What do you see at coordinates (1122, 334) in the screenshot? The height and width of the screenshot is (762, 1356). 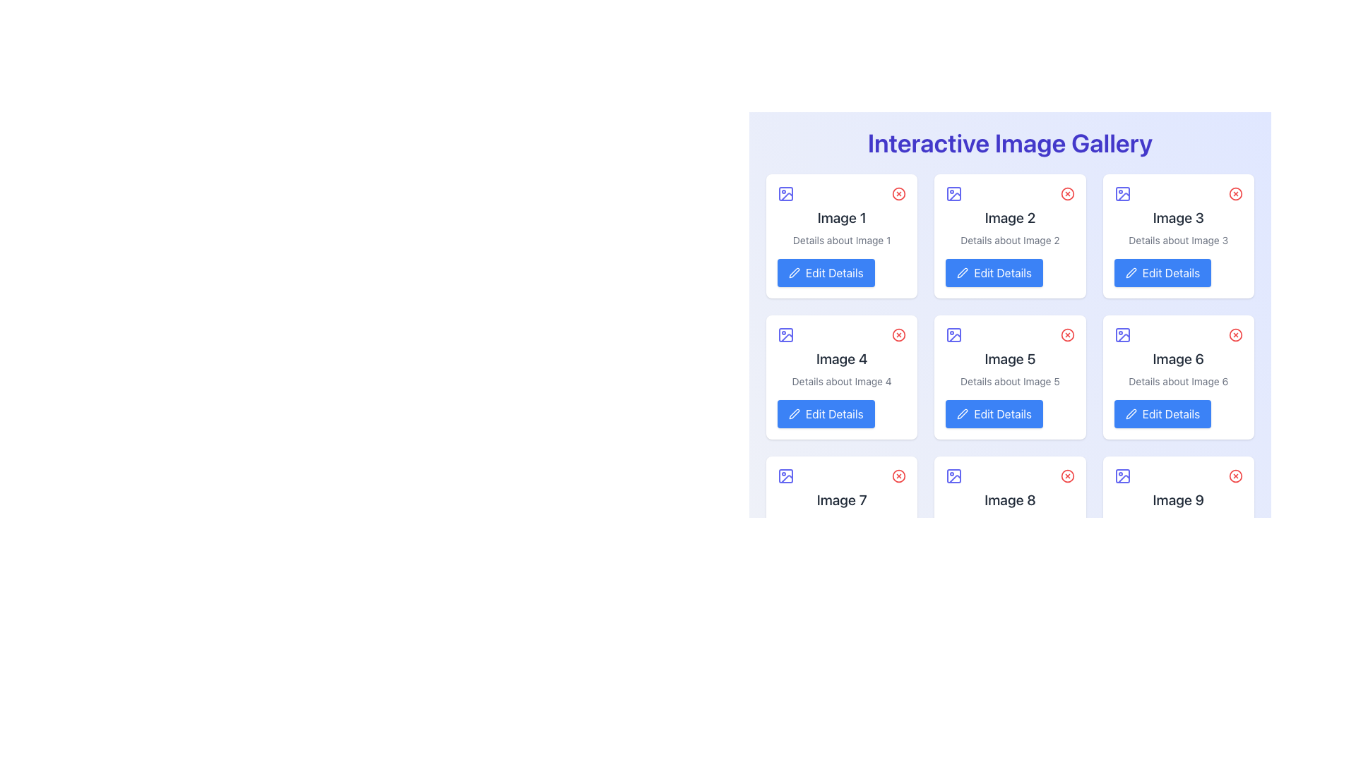 I see `the SVG icon representing an image within the 'Image 6' card, located at the top-left area of the card` at bounding box center [1122, 334].